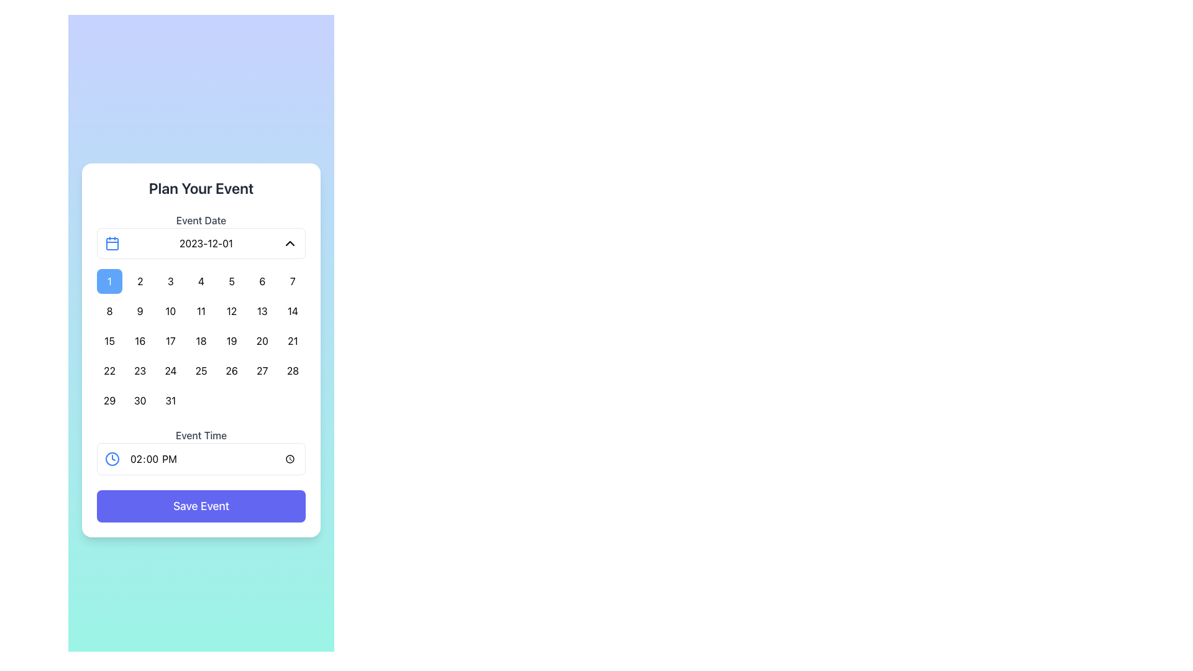 Image resolution: width=1193 pixels, height=671 pixels. Describe the element at coordinates (112, 244) in the screenshot. I see `the decorative vector shape, which is a rounded rectangle within the calendar icon in the 'Event Date' section, adjacent to the date field displaying '2023-12-01'` at that location.